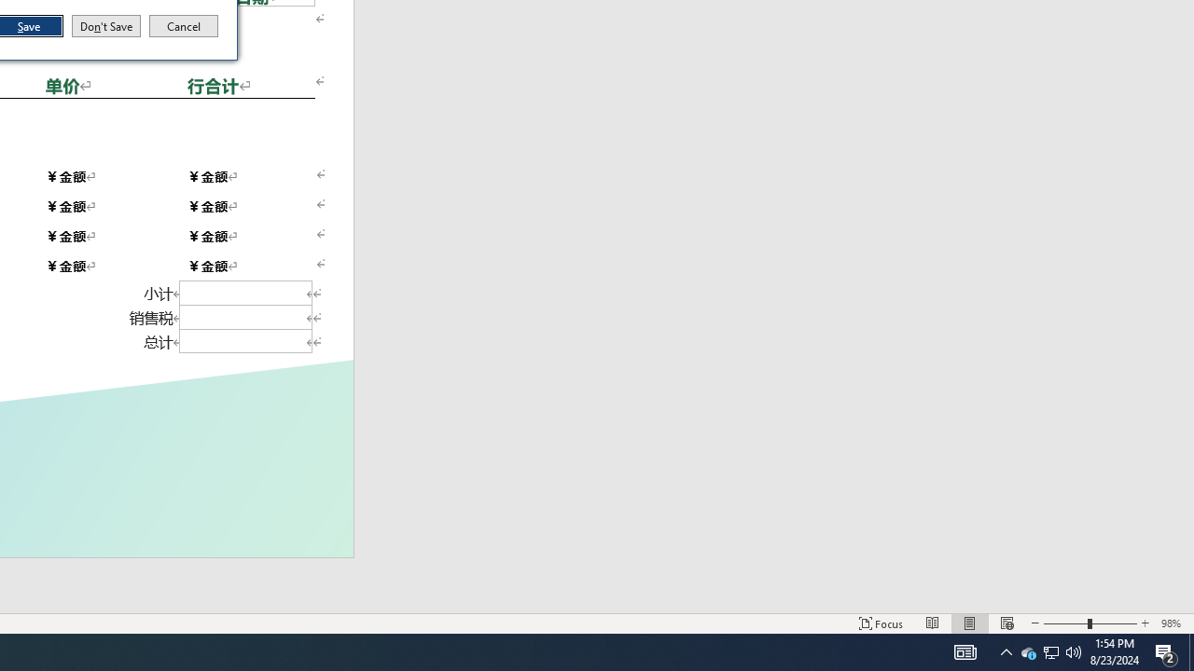 The width and height of the screenshot is (1194, 671). Describe the element at coordinates (104, 26) in the screenshot. I see `'Don'` at that location.